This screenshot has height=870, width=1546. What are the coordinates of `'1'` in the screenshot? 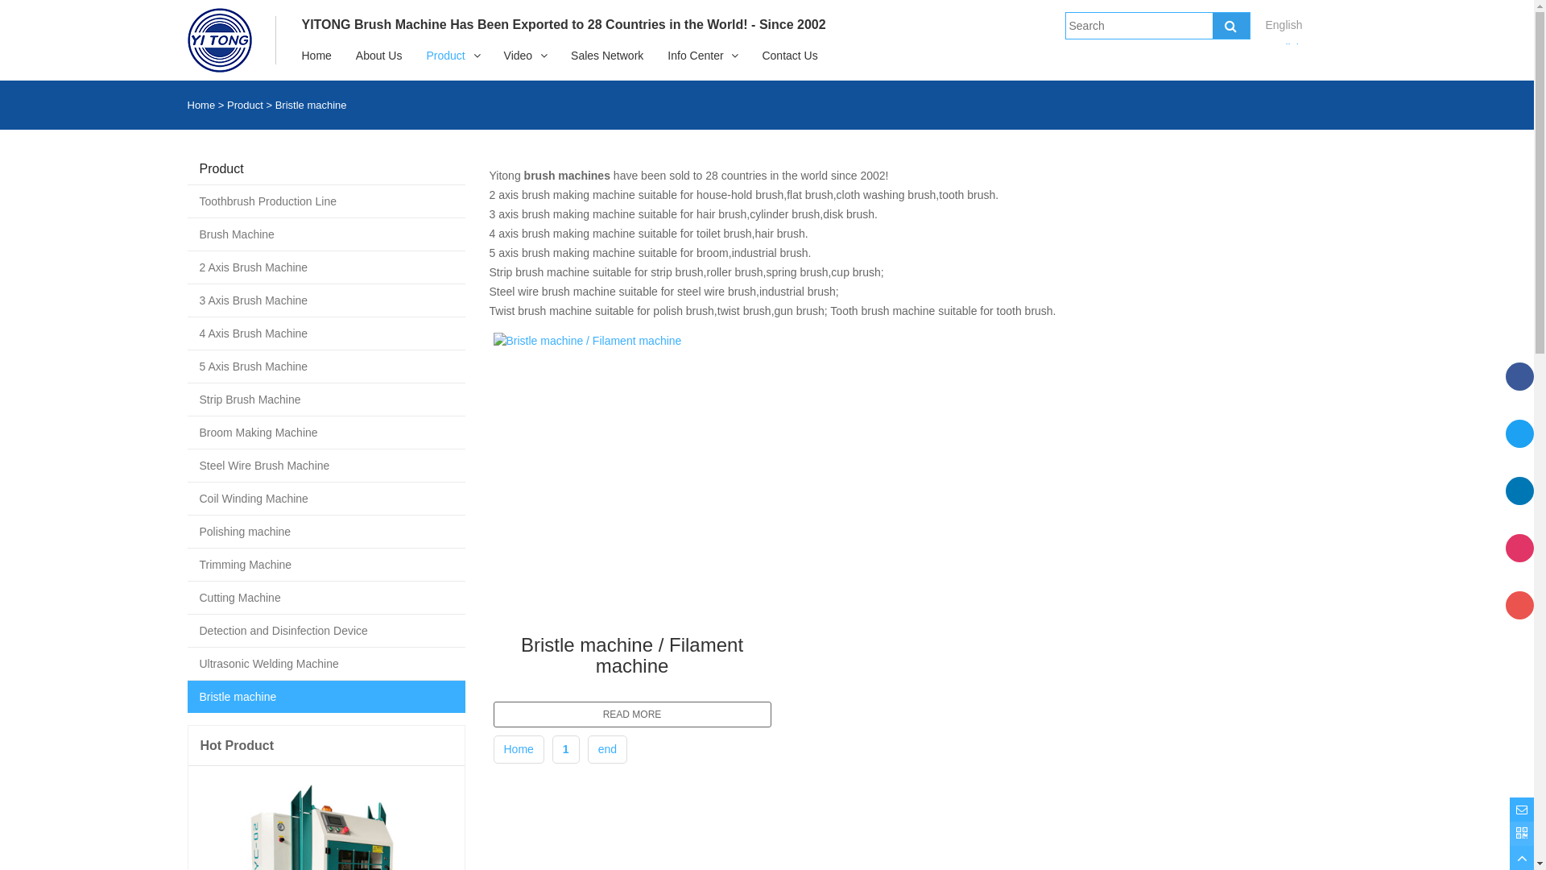 It's located at (565, 748).